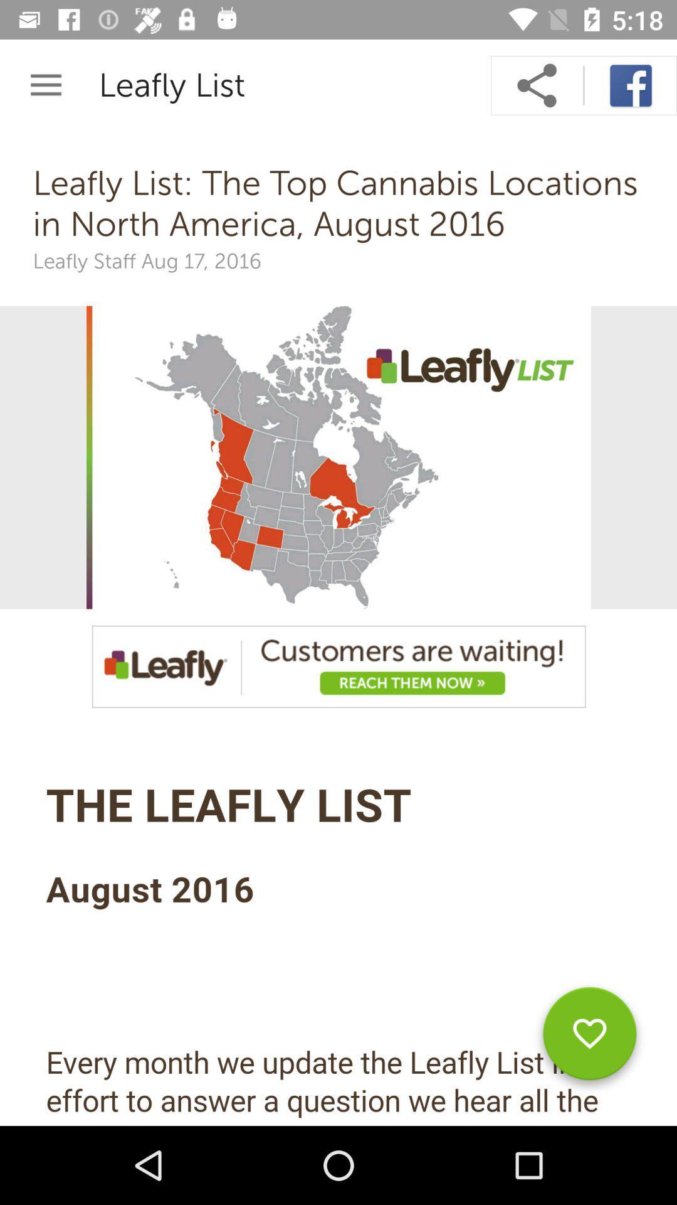 The image size is (677, 1205). I want to click on like, so click(589, 1038).